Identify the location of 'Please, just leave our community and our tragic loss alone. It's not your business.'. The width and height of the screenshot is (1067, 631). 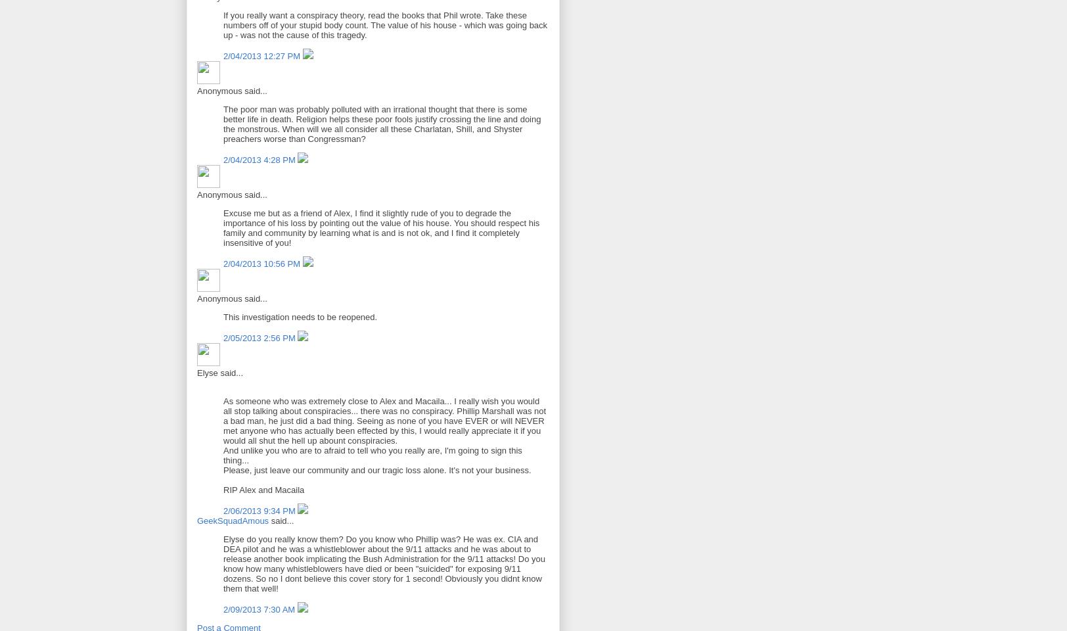
(376, 469).